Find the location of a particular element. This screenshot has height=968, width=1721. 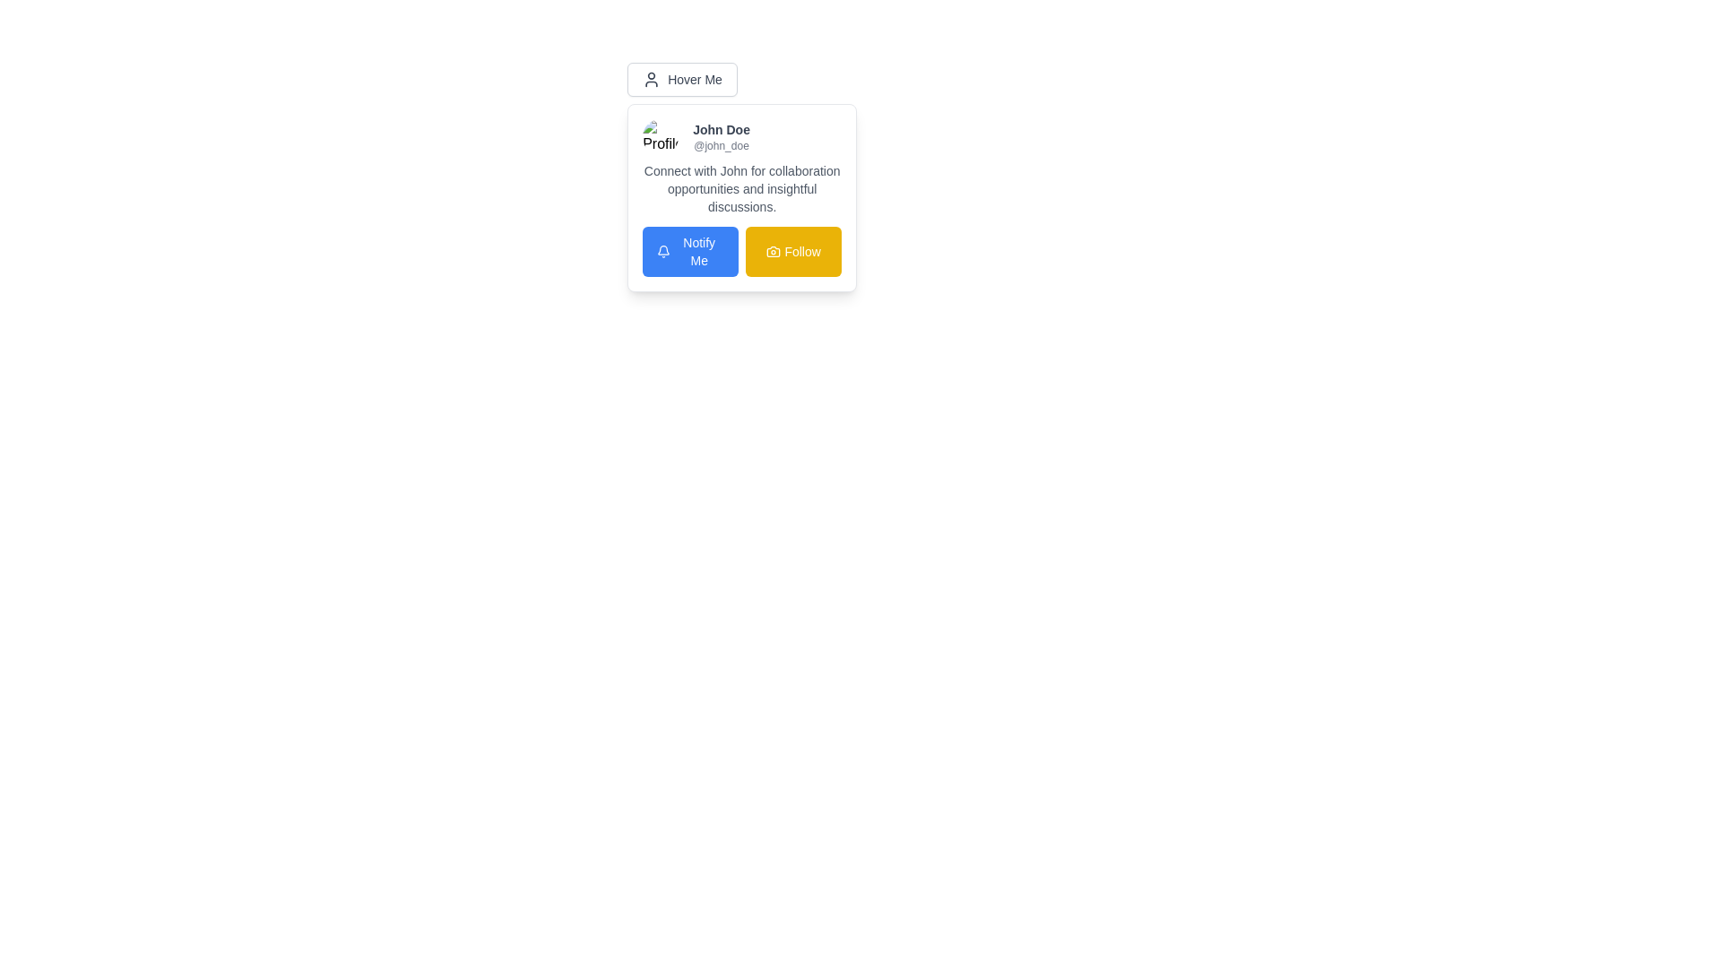

the text label providing additional information about the user's profile, located beneath the username block and above the 'Notify Me' and 'Follow' buttons is located at coordinates (742, 189).